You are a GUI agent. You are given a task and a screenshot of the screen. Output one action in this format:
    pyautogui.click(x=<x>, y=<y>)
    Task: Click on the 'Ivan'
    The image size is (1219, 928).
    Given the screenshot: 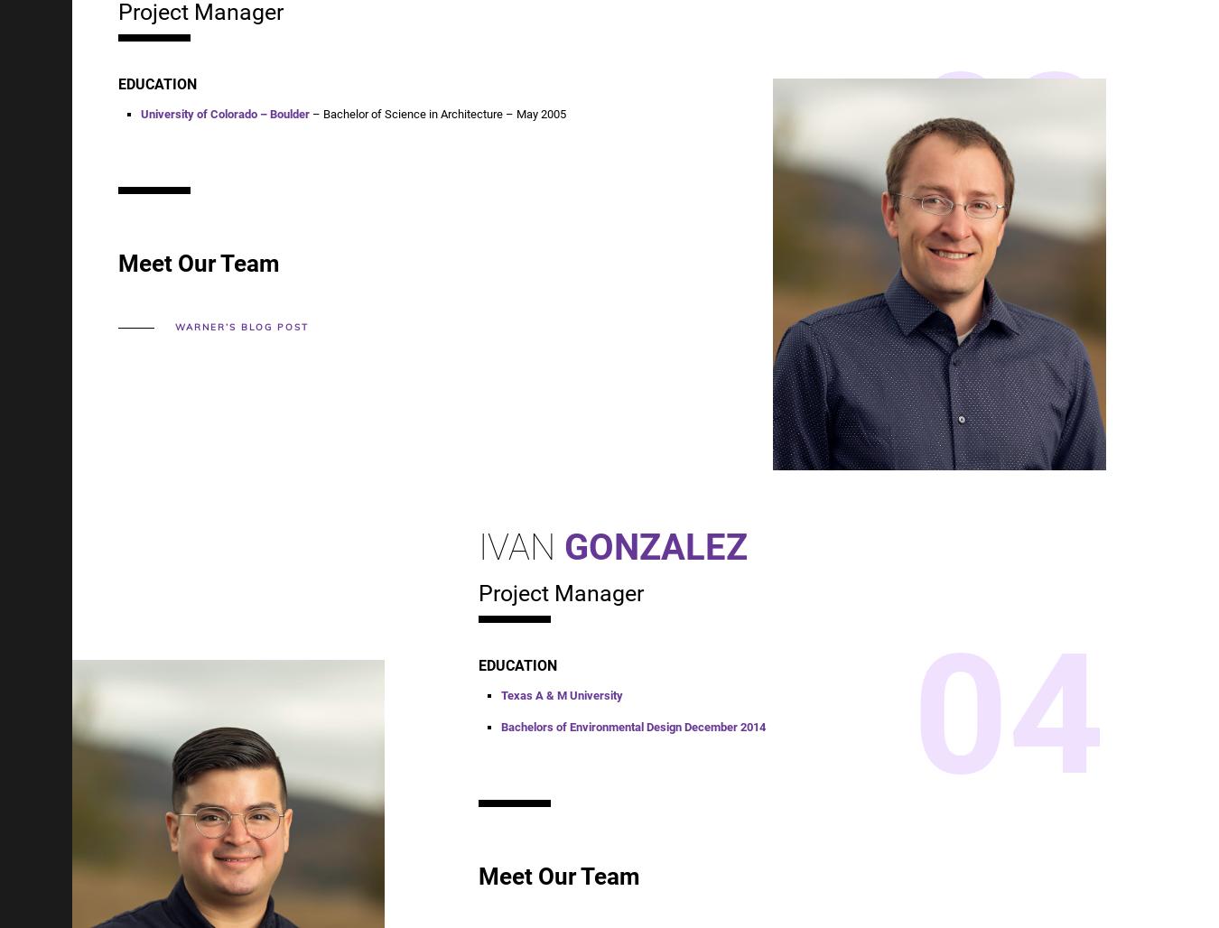 What is the action you would take?
    pyautogui.click(x=478, y=546)
    